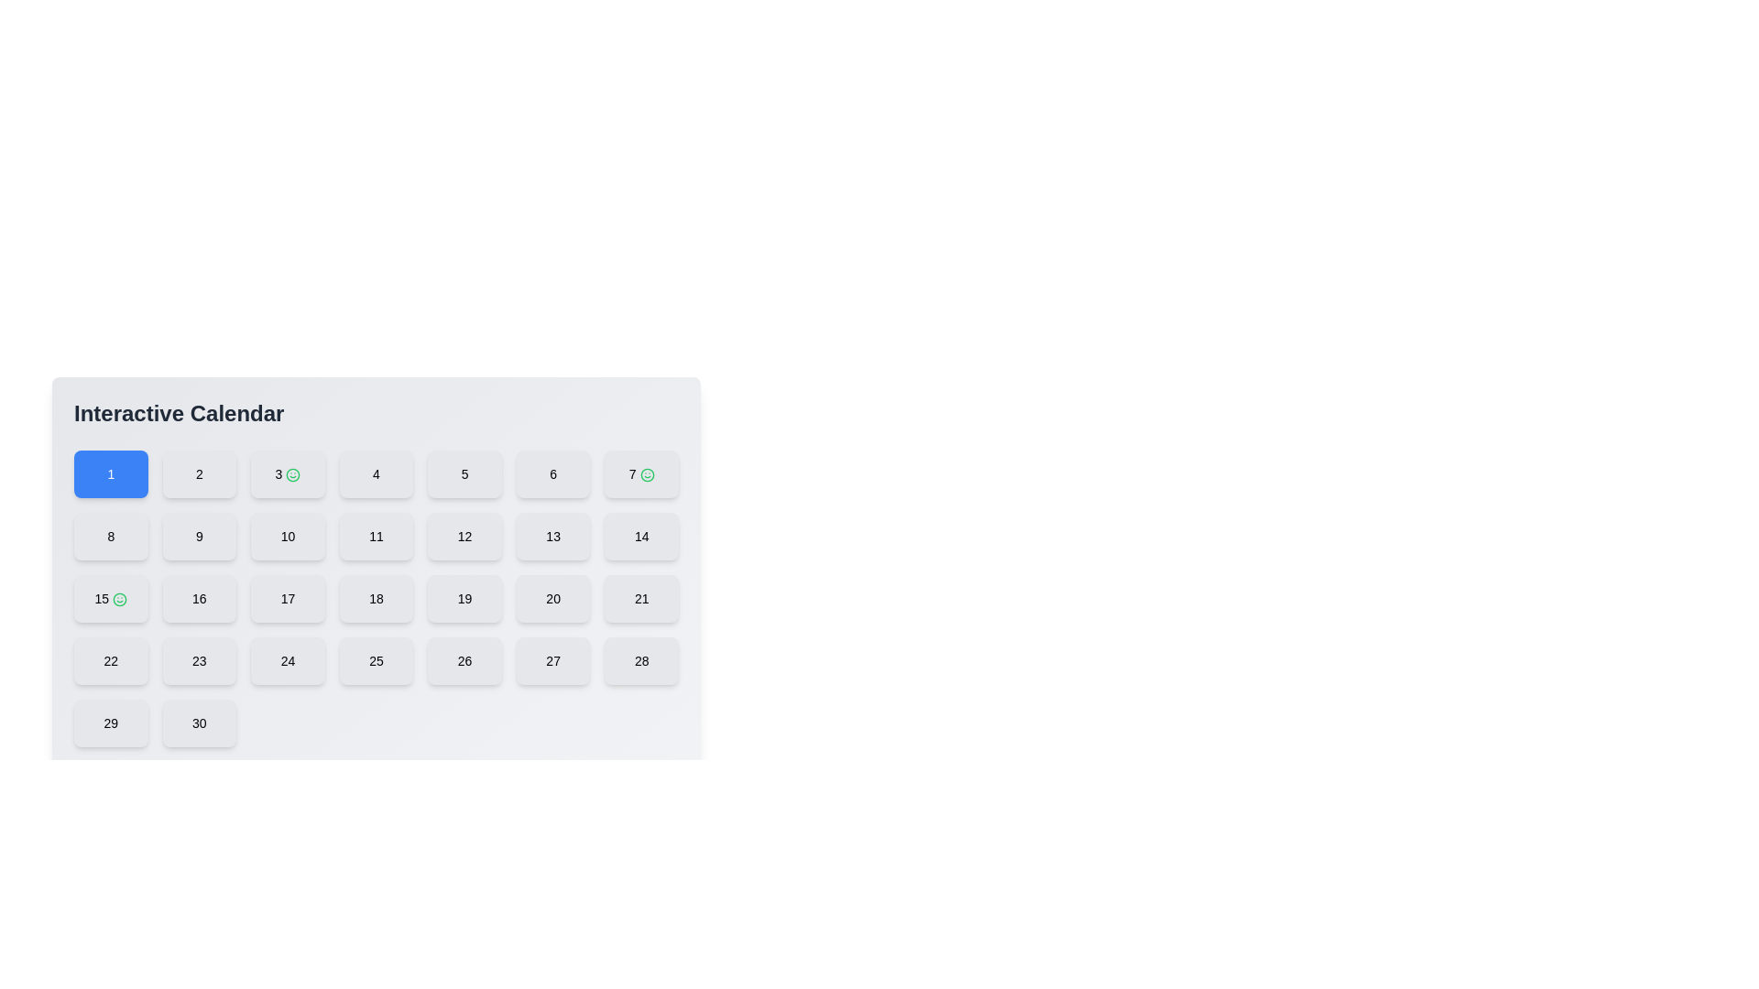  What do you see at coordinates (287, 536) in the screenshot?
I see `the rectangular button labeled '10'` at bounding box center [287, 536].